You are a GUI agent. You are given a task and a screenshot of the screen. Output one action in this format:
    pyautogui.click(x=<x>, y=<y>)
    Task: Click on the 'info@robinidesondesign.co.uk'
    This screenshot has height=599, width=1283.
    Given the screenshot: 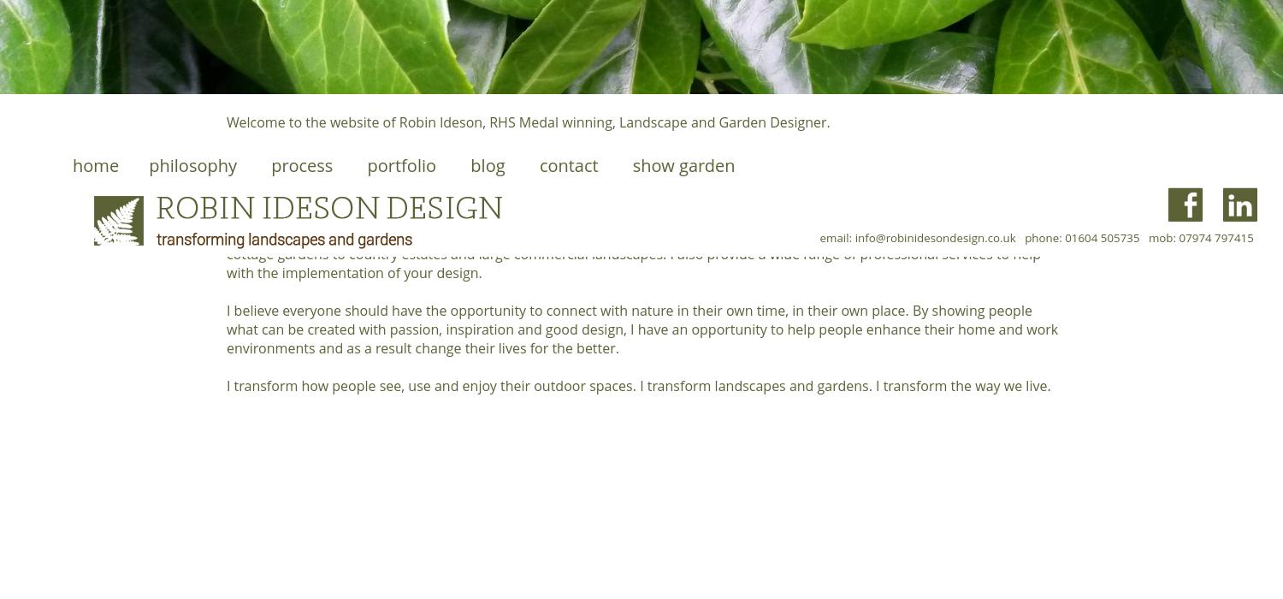 What is the action you would take?
    pyautogui.click(x=934, y=237)
    